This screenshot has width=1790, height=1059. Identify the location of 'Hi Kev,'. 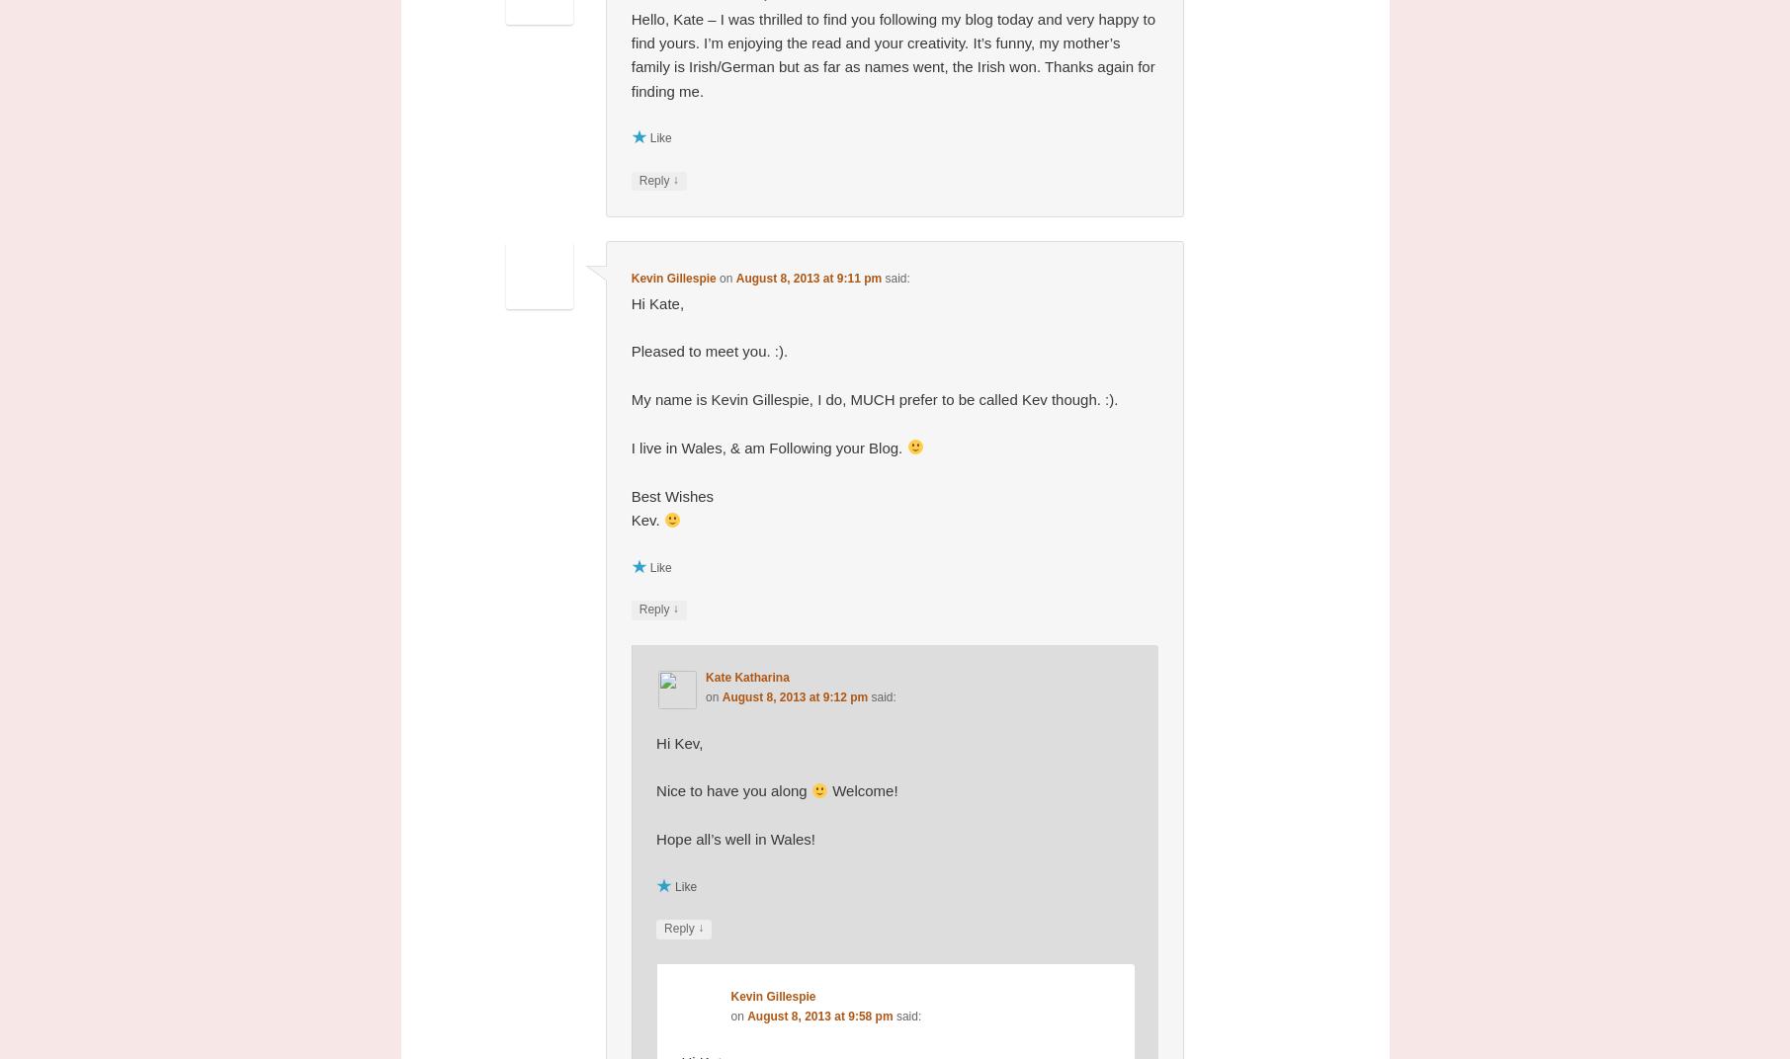
(679, 742).